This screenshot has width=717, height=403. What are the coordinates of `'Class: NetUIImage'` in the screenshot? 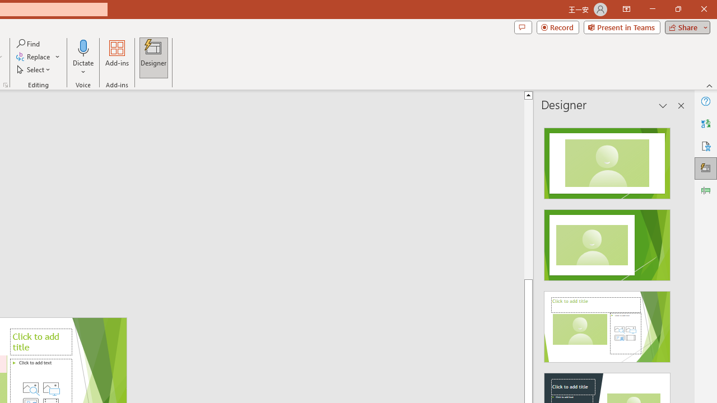 It's located at (606, 327).